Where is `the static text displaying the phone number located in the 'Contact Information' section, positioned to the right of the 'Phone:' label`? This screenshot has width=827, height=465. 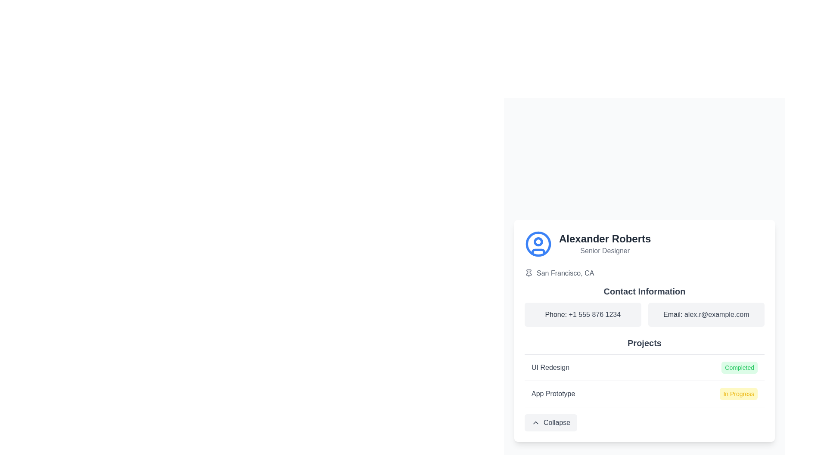 the static text displaying the phone number located in the 'Contact Information' section, positioned to the right of the 'Phone:' label is located at coordinates (594, 314).